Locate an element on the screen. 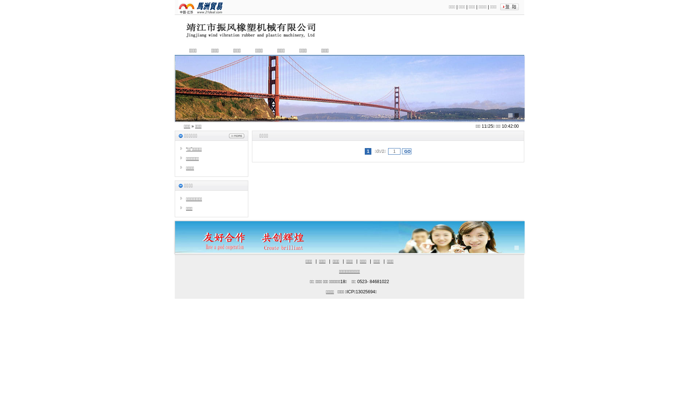 This screenshot has height=393, width=699. 'GO' is located at coordinates (406, 151).